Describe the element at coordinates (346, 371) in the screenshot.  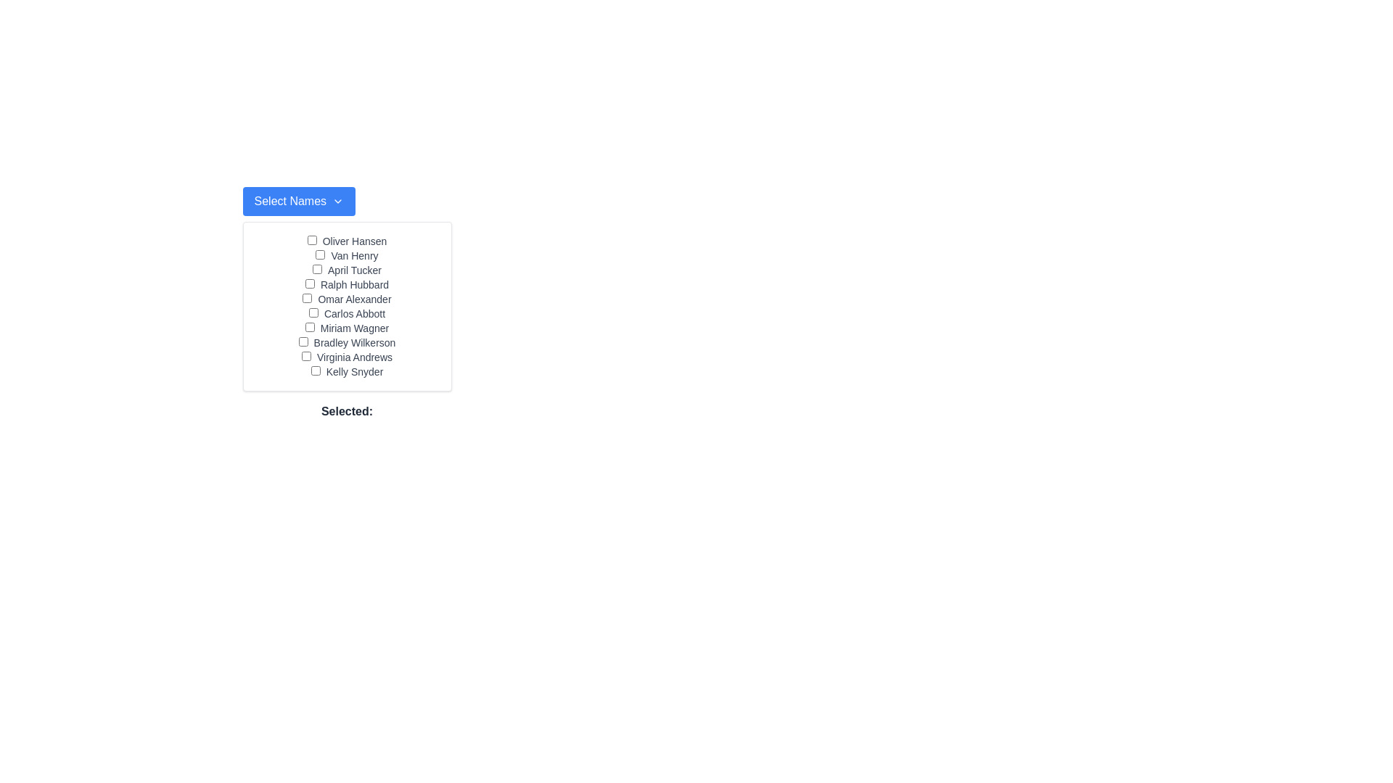
I see `the label displaying 'Kelly Snyder', which is a smaller gray font next to the checkbox in the 'Select Names' list` at that location.